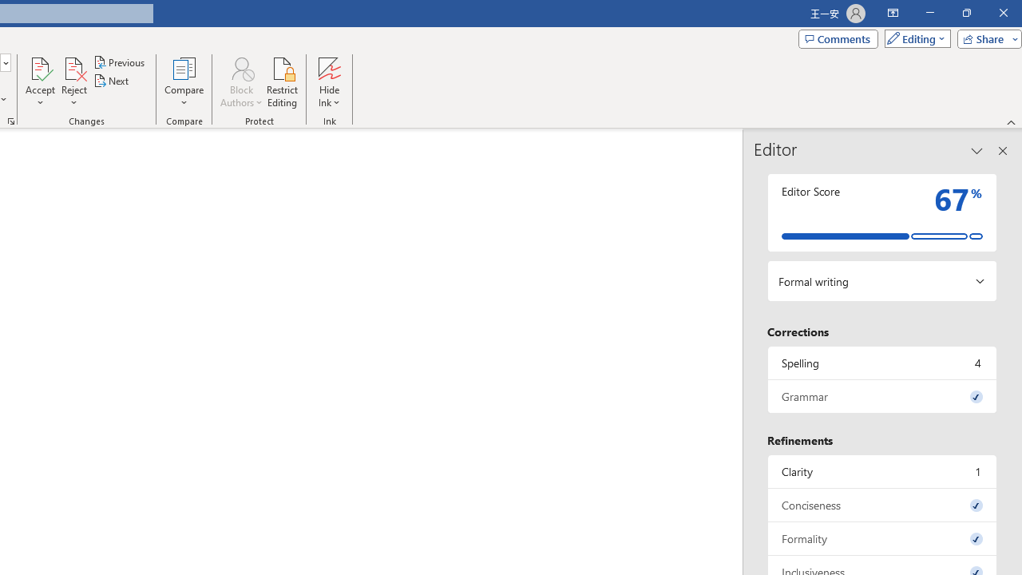 This screenshot has width=1022, height=575. What do you see at coordinates (184, 82) in the screenshot?
I see `'Compare'` at bounding box center [184, 82].